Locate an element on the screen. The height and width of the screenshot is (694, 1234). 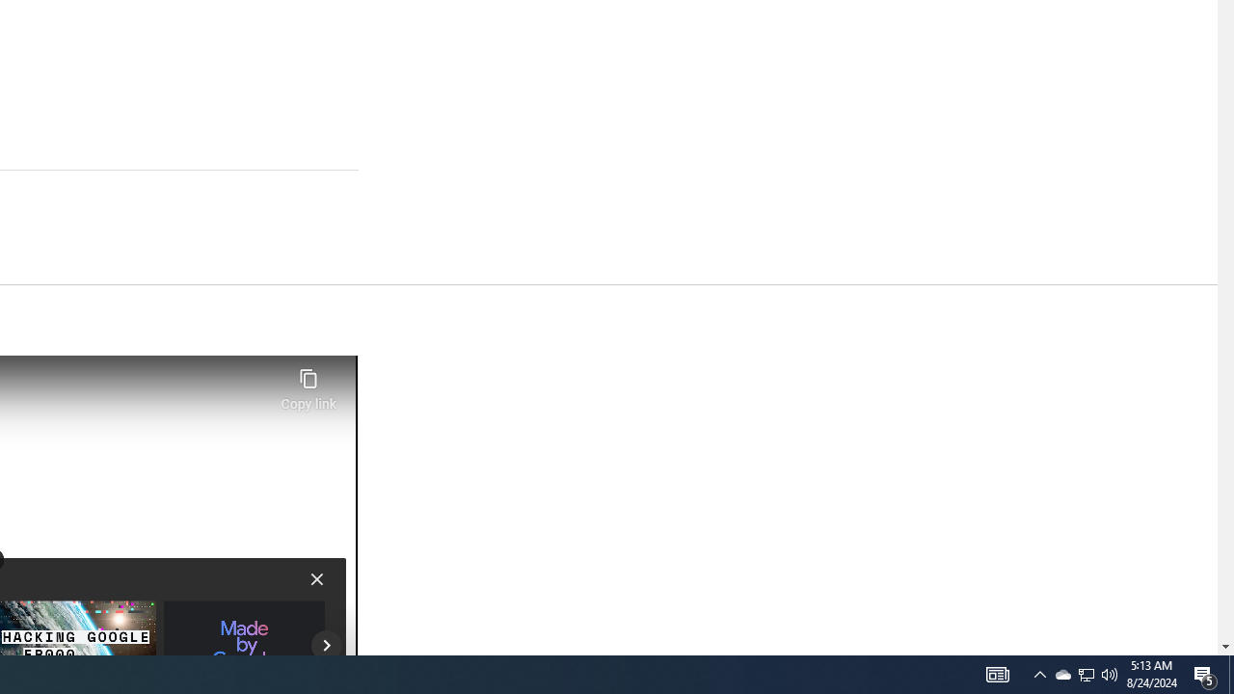
'Show more suggested videos' is located at coordinates (326, 645).